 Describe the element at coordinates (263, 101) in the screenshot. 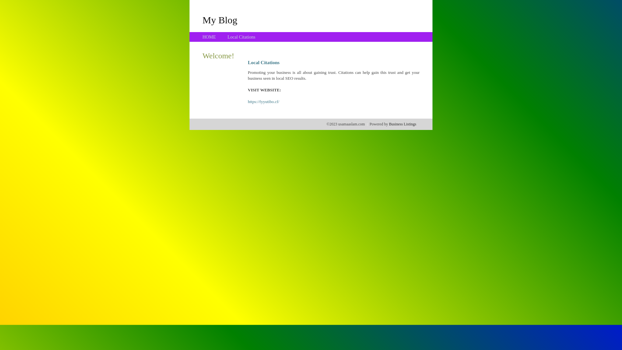

I see `'https://fyyutibo.cf/'` at that location.